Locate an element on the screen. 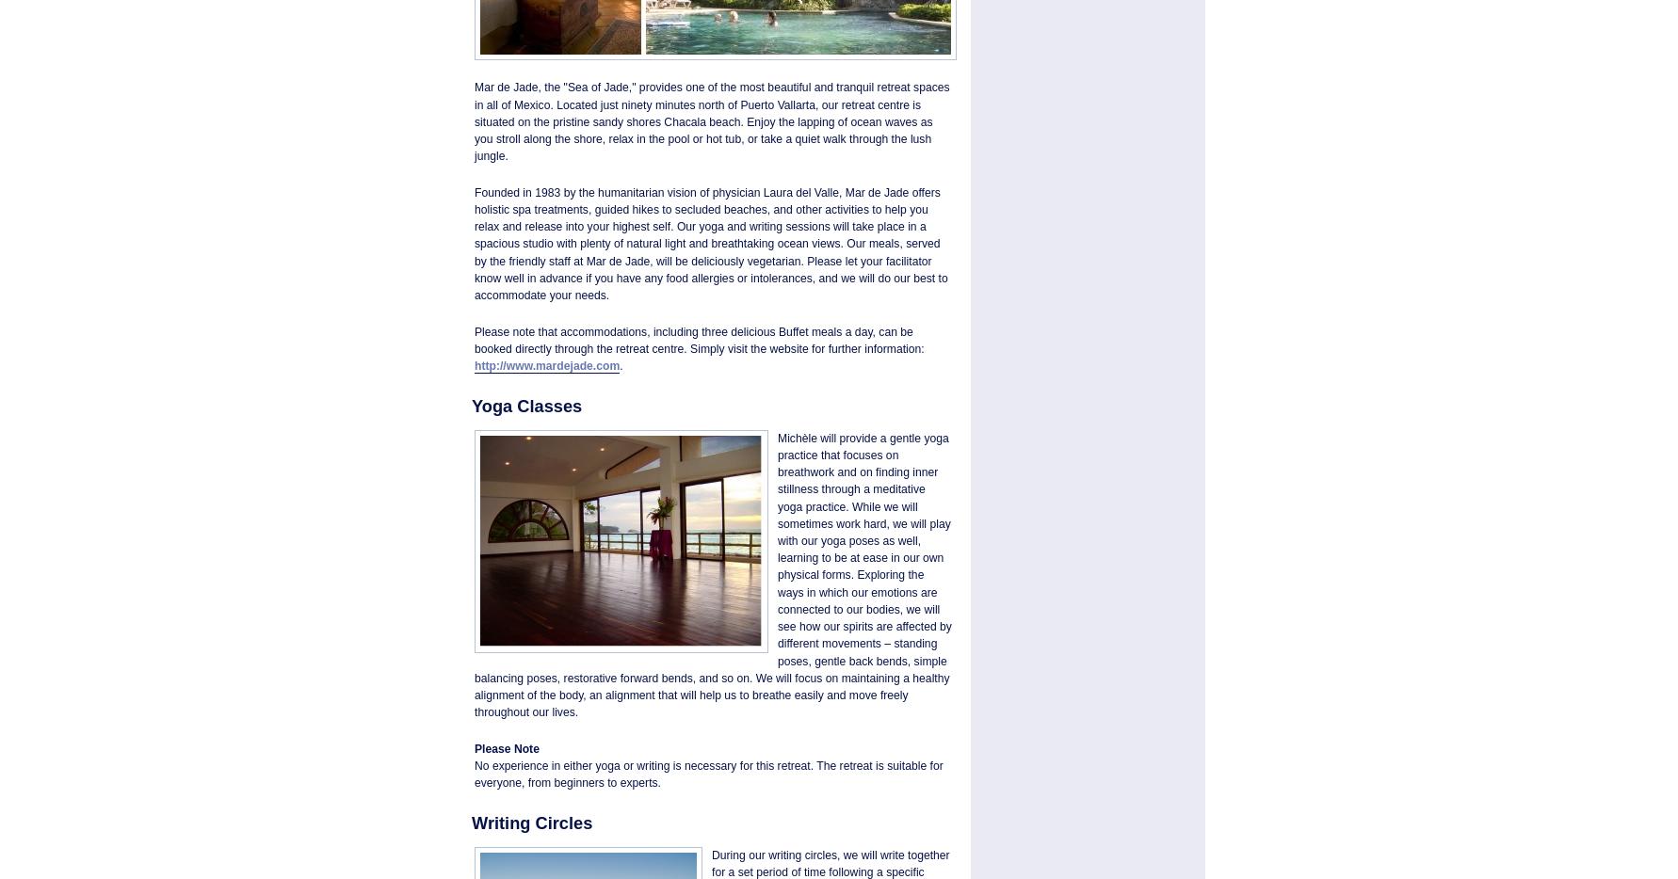  'No experience in either yoga or writing is necessary for this retreat. The retreat is suitable for everyone, from beginners to experts.' is located at coordinates (708, 774).